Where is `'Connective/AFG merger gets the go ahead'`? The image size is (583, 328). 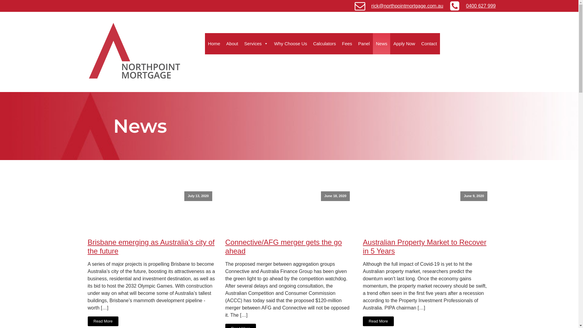
'Connective/AFG merger gets the go ahead' is located at coordinates (289, 247).